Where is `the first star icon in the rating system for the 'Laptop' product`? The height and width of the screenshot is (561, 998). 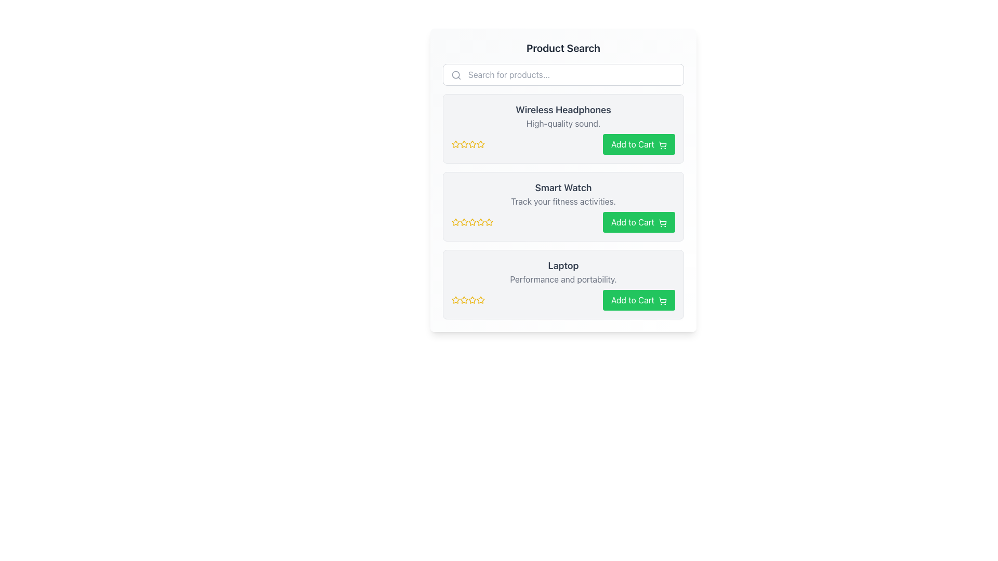
the first star icon in the rating system for the 'Laptop' product is located at coordinates (463, 300).